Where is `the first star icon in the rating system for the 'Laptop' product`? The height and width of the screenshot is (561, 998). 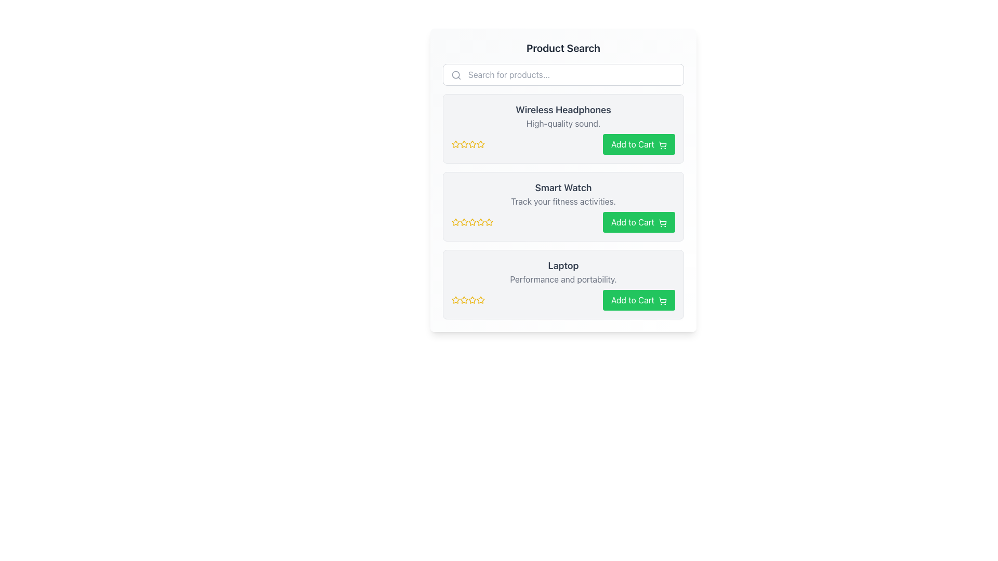
the first star icon in the rating system for the 'Laptop' product is located at coordinates (463, 300).